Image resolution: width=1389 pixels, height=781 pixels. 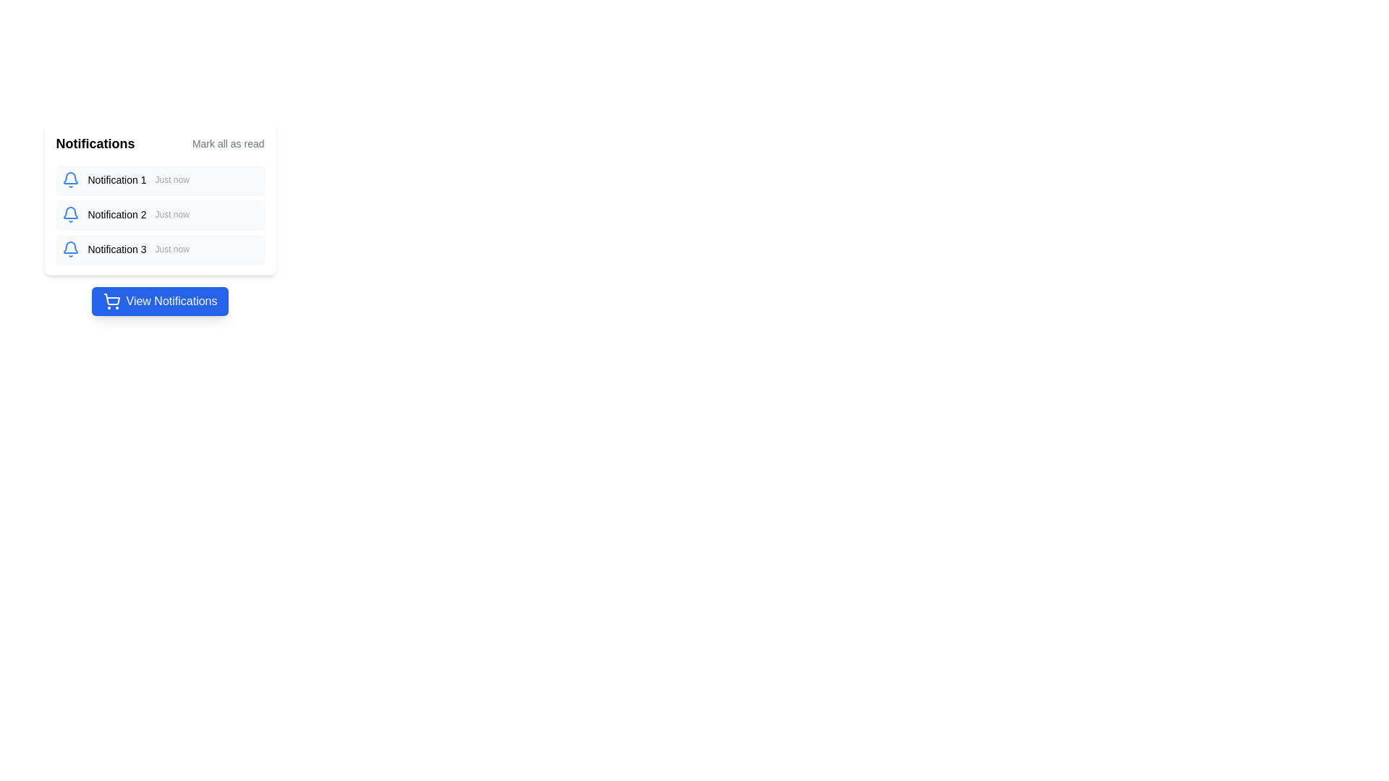 What do you see at coordinates (172, 215) in the screenshot?
I see `the timestamp text label located in the second notification item, positioned to the far right next to the title 'Notification 2'` at bounding box center [172, 215].